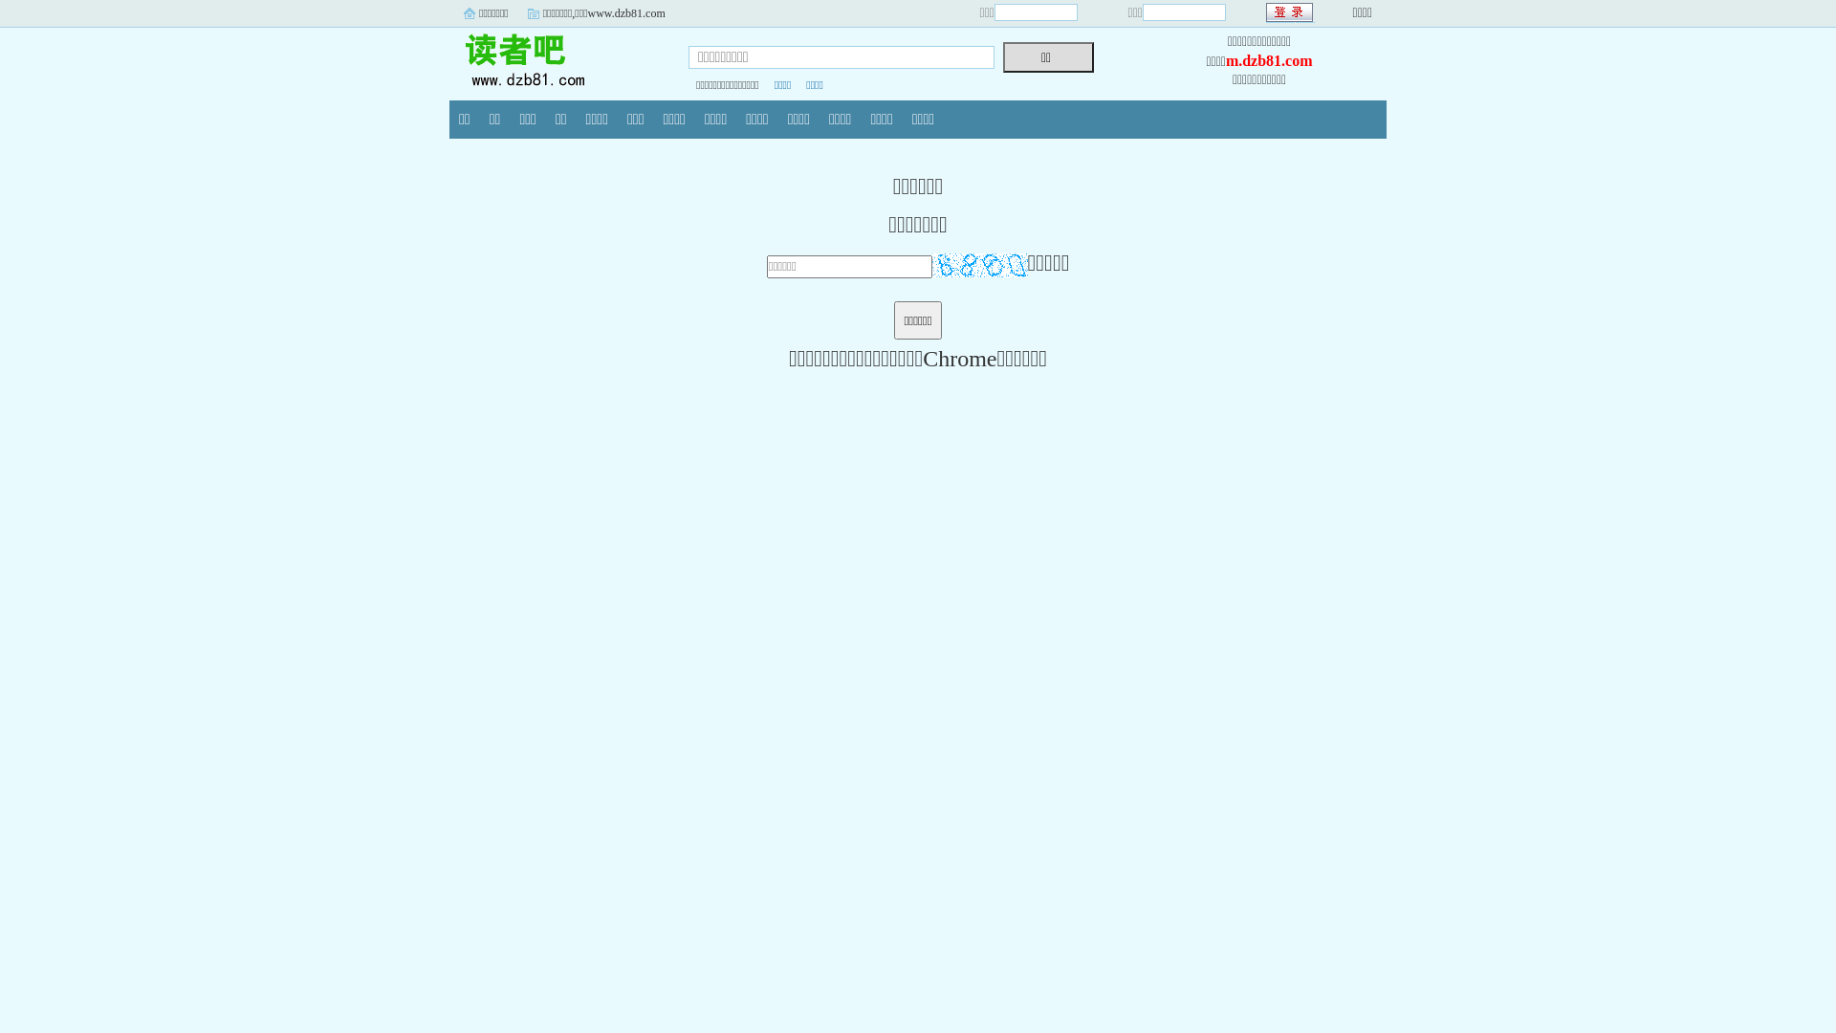 The height and width of the screenshot is (1033, 1836). What do you see at coordinates (1269, 59) in the screenshot?
I see `'m.dzb81.com'` at bounding box center [1269, 59].